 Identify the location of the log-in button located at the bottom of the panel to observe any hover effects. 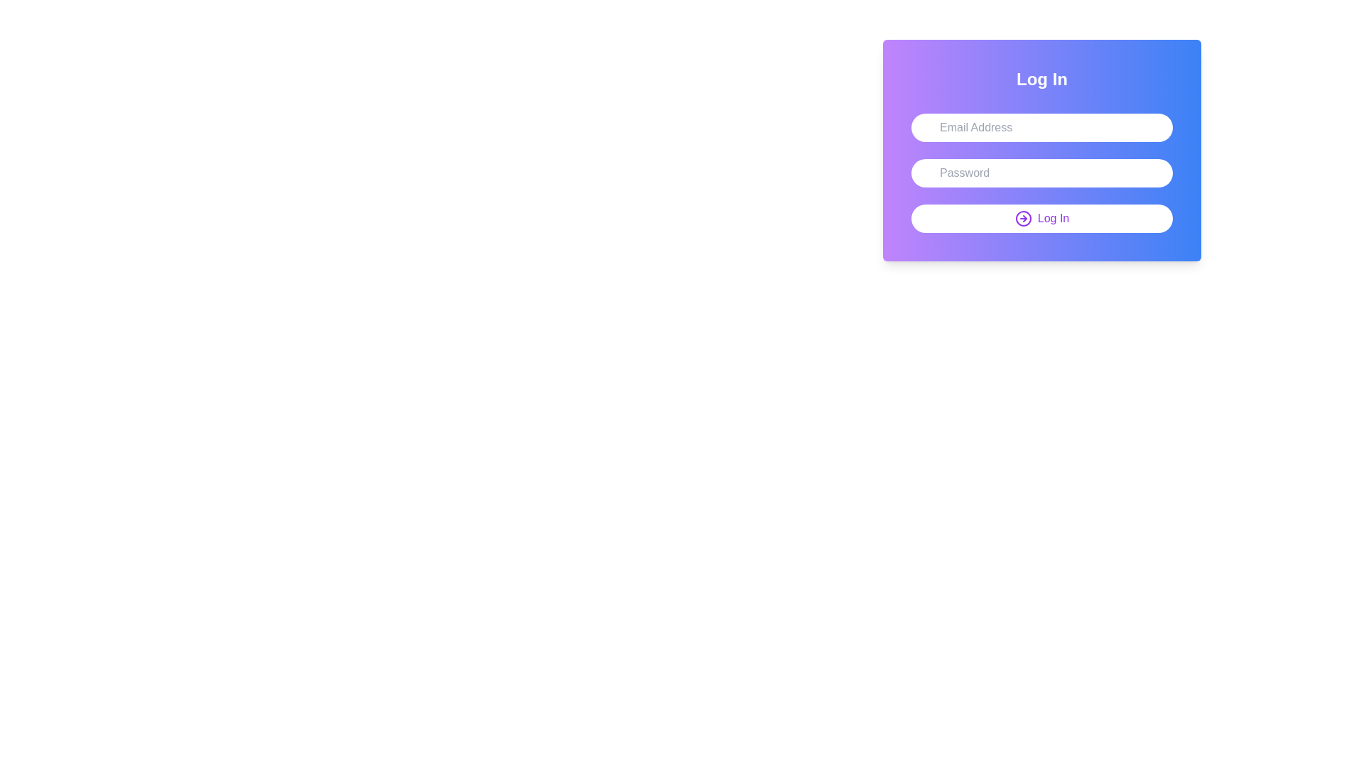
(1042, 219).